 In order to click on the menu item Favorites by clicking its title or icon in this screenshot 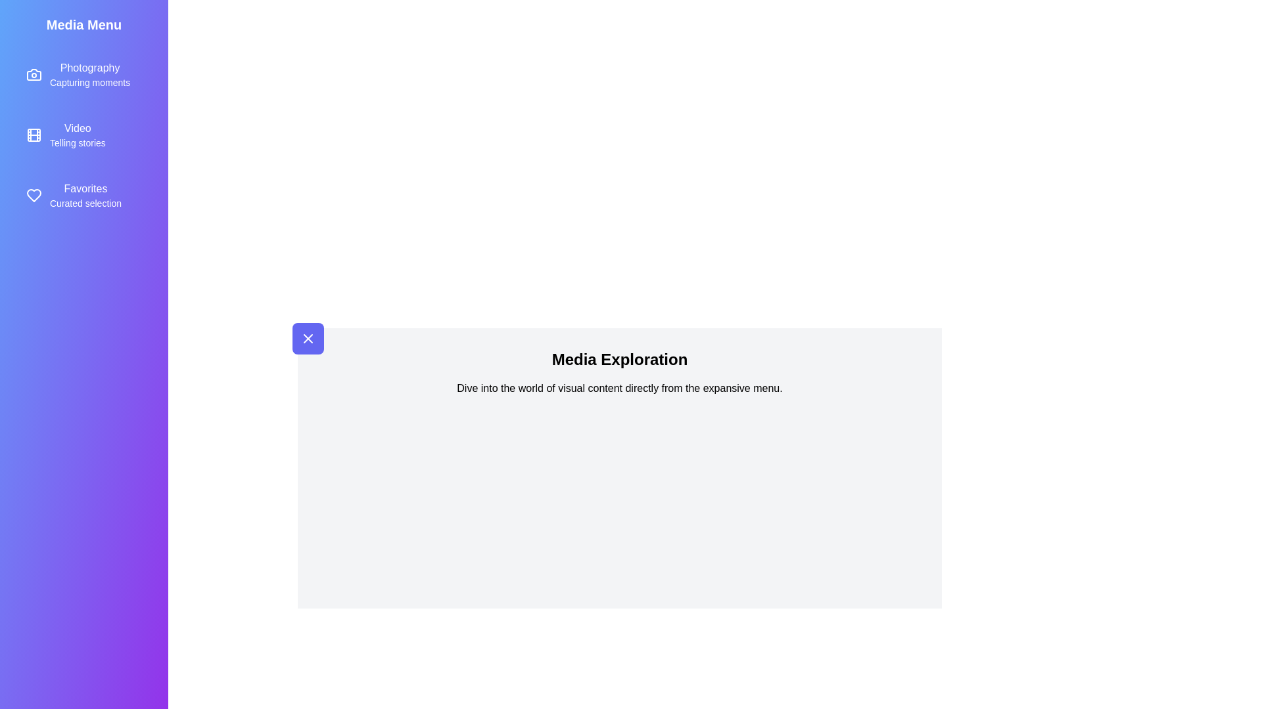, I will do `click(83, 195)`.